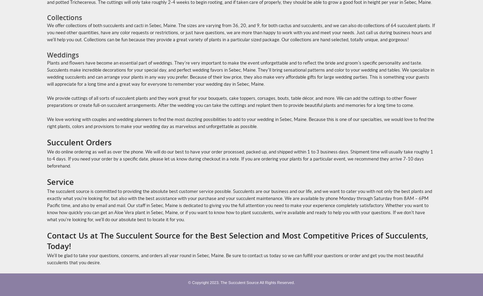  Describe the element at coordinates (240, 73) in the screenshot. I see `'Plants and flowers have become an essential part of weddings. They're very important to make the event unforgettable and to reflect the bride and groom's specific personality and taste. Succulents make incredible decorations for your special day, and perfect wedding favors in Sebec, Maine. They'll bring sensational patterns and color to your wedding and tables. We specialize in wedding succulents and can arrange your plants in any way you prefer. Because of their low price, they also make very affordable gifts for large wedding parties. This is something your guests will appreciate for a long time and a great way for everyone to remember your wedding day in Sebec, Maine.'` at that location.